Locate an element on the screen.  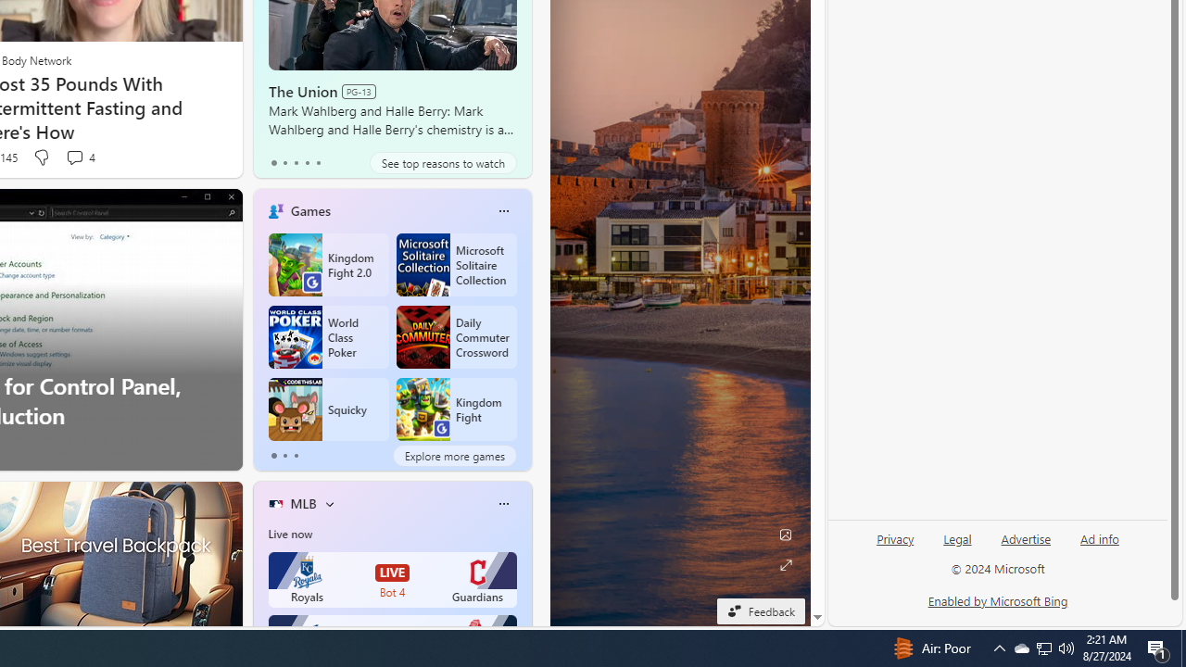
'MLB' is located at coordinates (303, 503).